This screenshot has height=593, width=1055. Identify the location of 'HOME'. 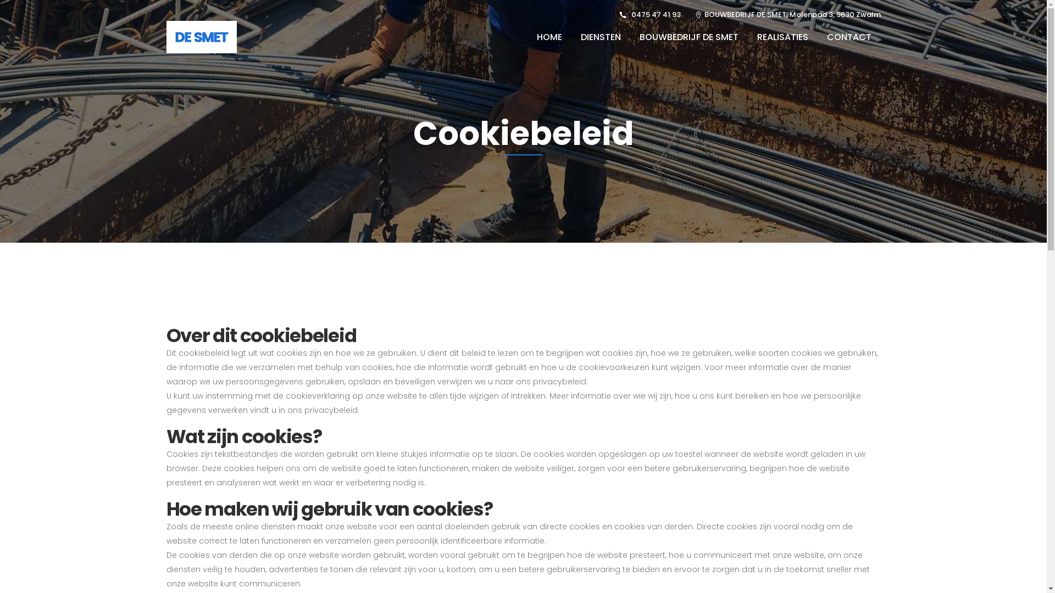
(549, 36).